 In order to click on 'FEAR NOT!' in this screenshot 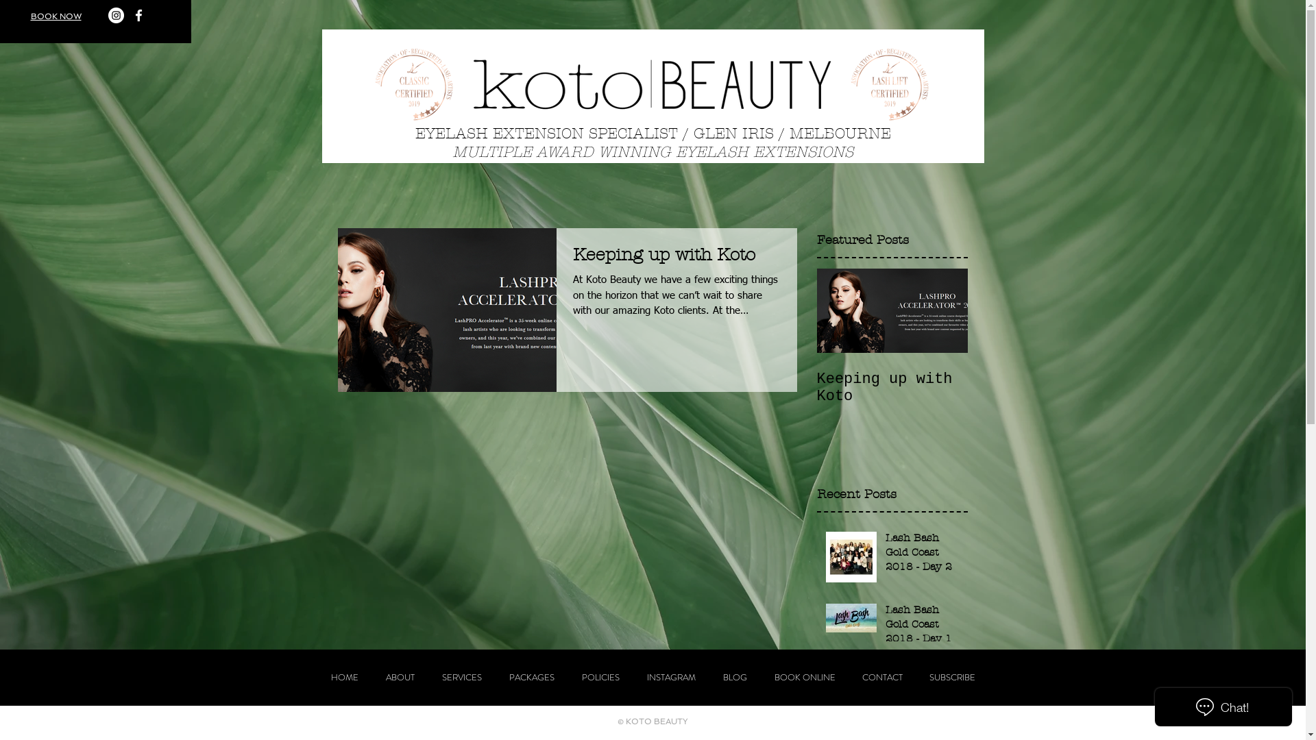, I will do `click(922, 662)`.